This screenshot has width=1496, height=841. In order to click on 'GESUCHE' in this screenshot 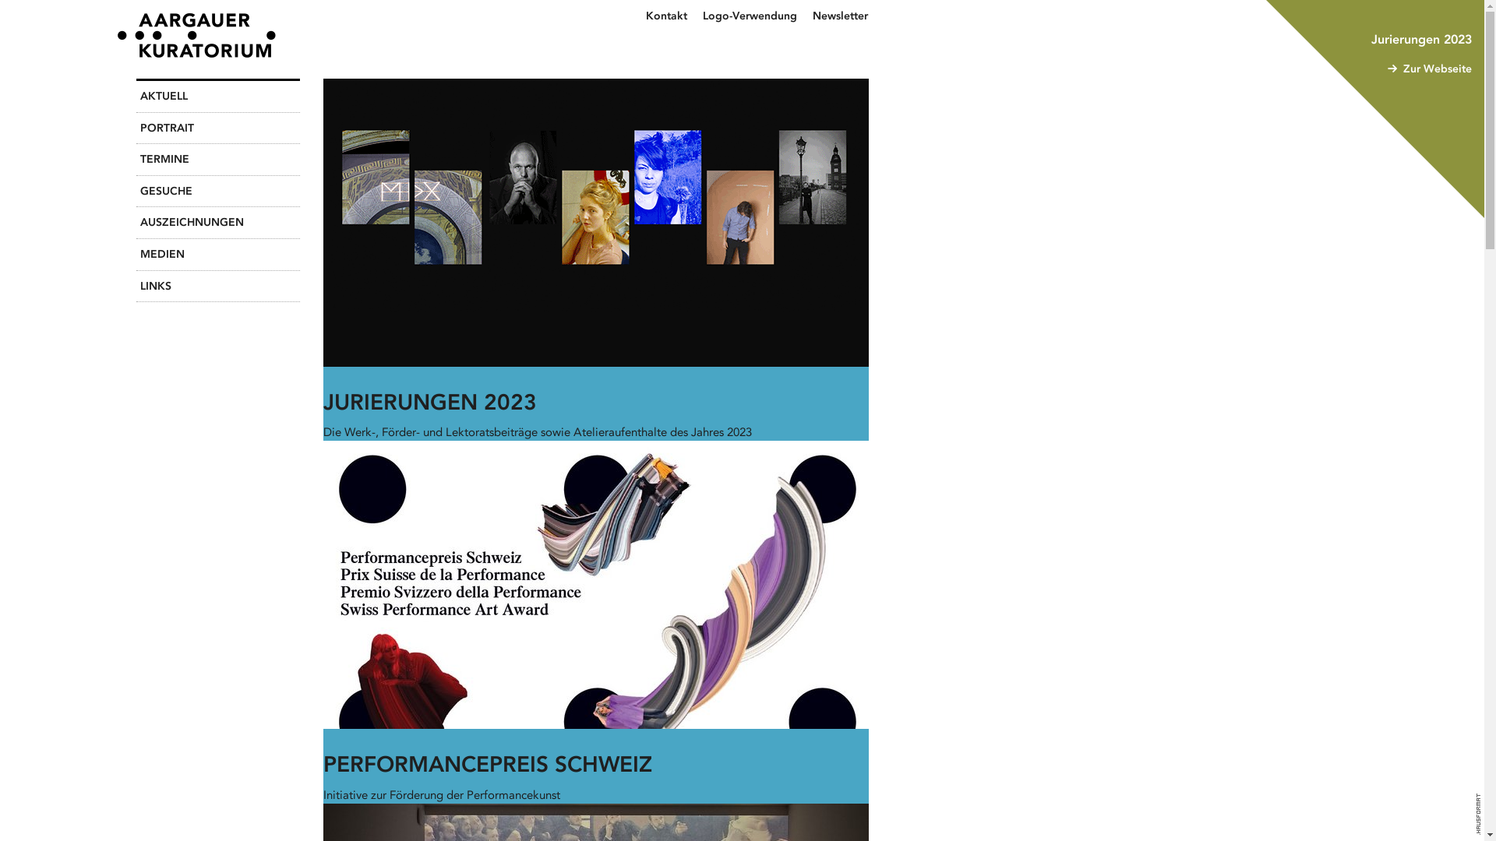, I will do `click(217, 191)`.